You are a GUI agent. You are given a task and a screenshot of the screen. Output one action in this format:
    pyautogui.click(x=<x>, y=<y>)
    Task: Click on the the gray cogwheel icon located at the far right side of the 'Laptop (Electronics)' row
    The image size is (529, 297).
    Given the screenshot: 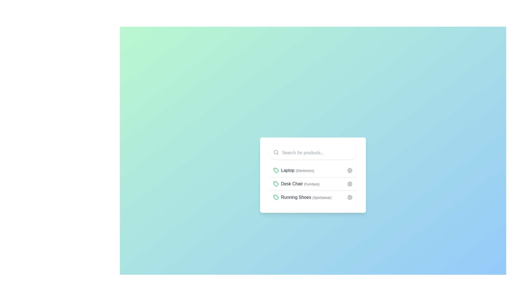 What is the action you would take?
    pyautogui.click(x=350, y=170)
    